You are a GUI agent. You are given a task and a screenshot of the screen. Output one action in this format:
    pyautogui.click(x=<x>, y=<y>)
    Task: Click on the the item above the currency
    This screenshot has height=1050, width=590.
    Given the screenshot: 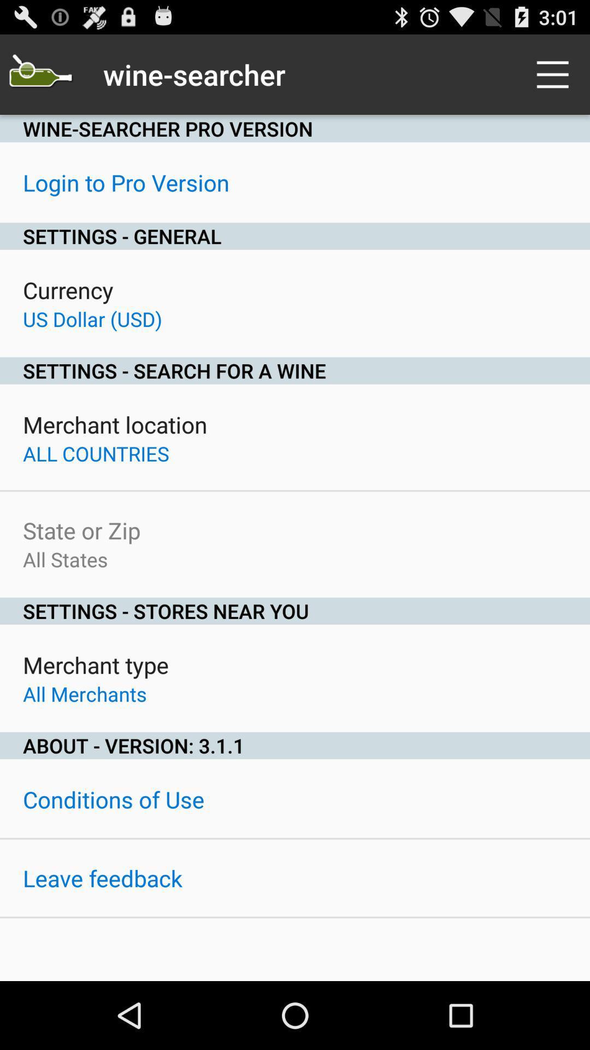 What is the action you would take?
    pyautogui.click(x=295, y=236)
    